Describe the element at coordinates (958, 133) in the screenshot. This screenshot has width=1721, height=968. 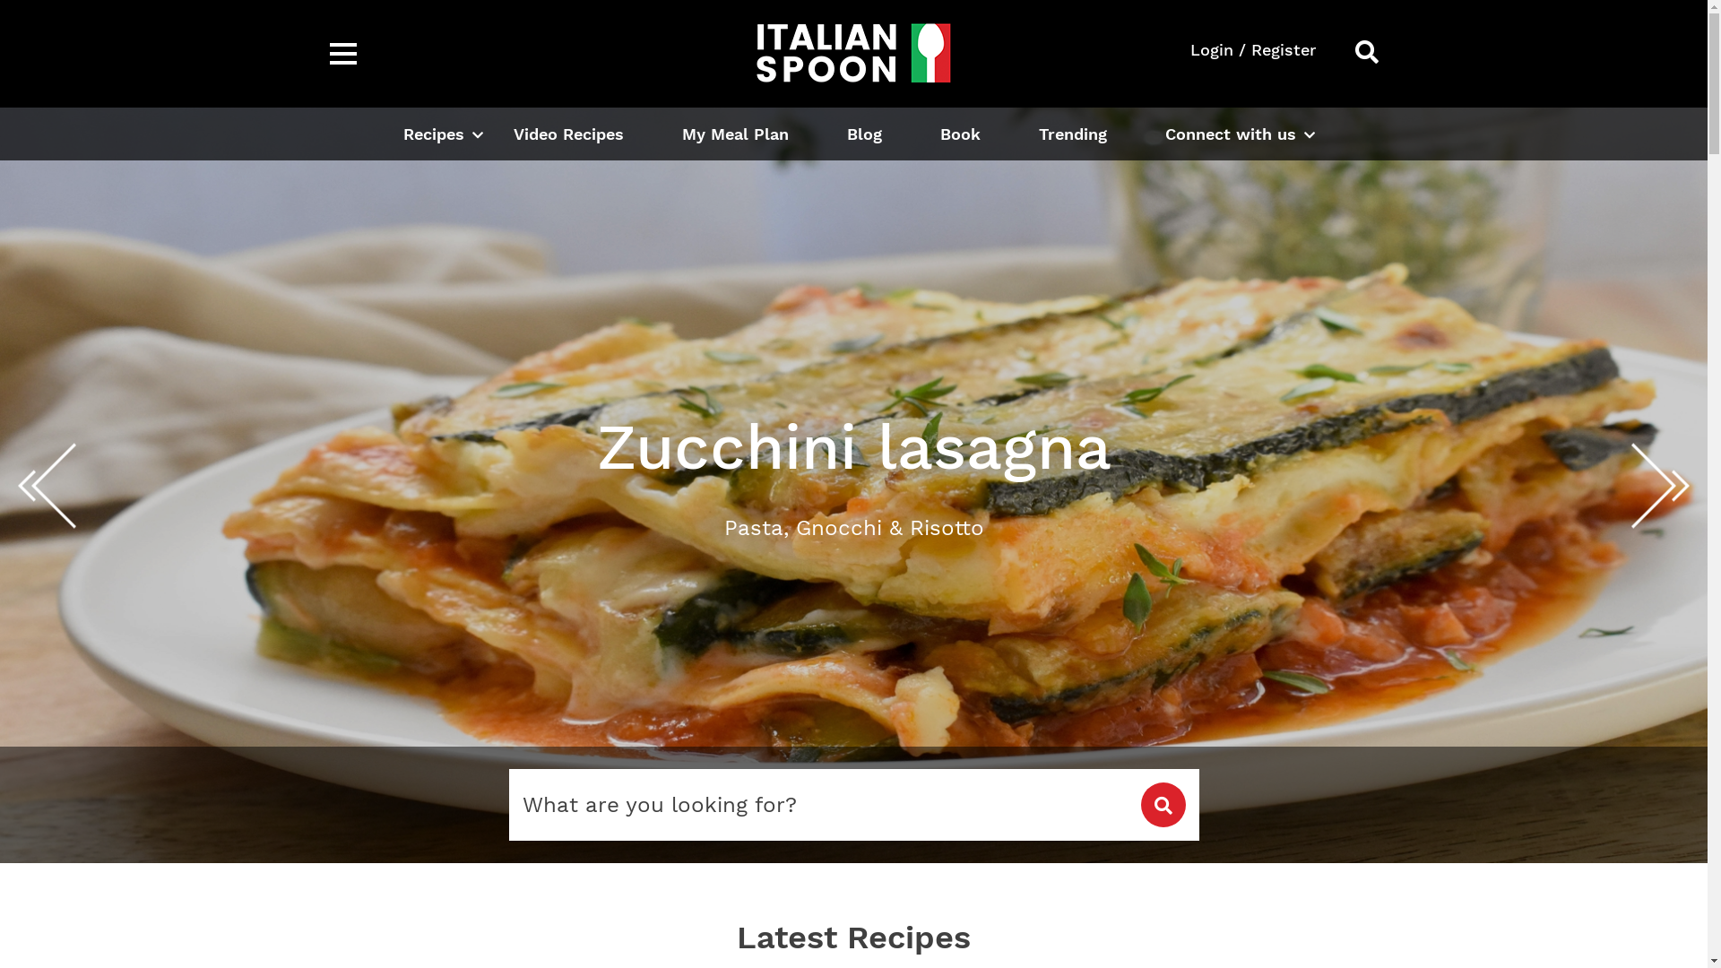
I see `'Book'` at that location.